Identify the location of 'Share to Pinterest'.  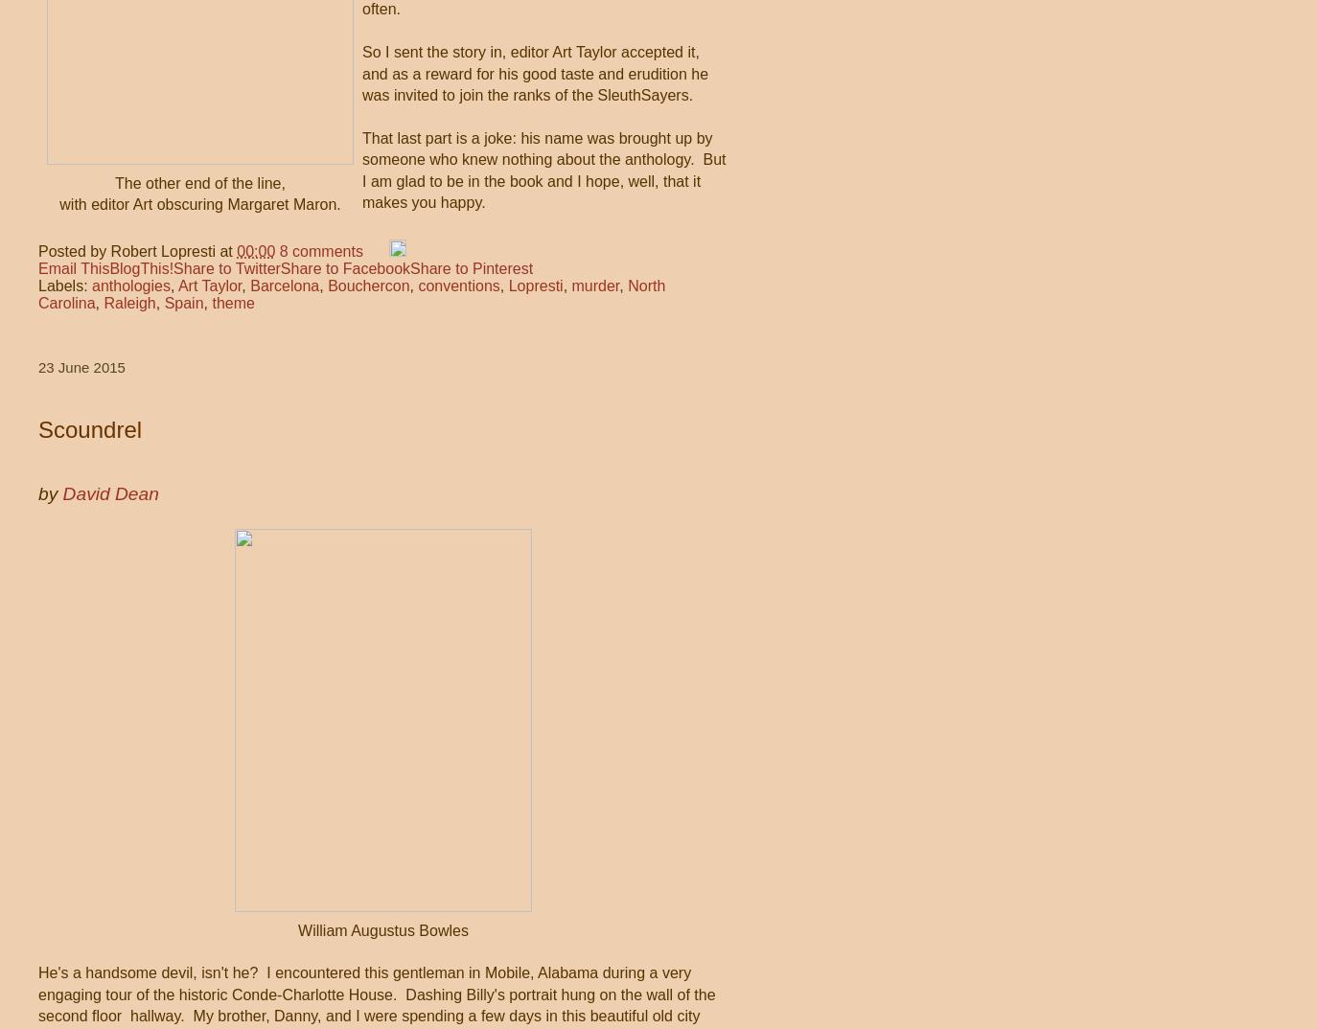
(472, 267).